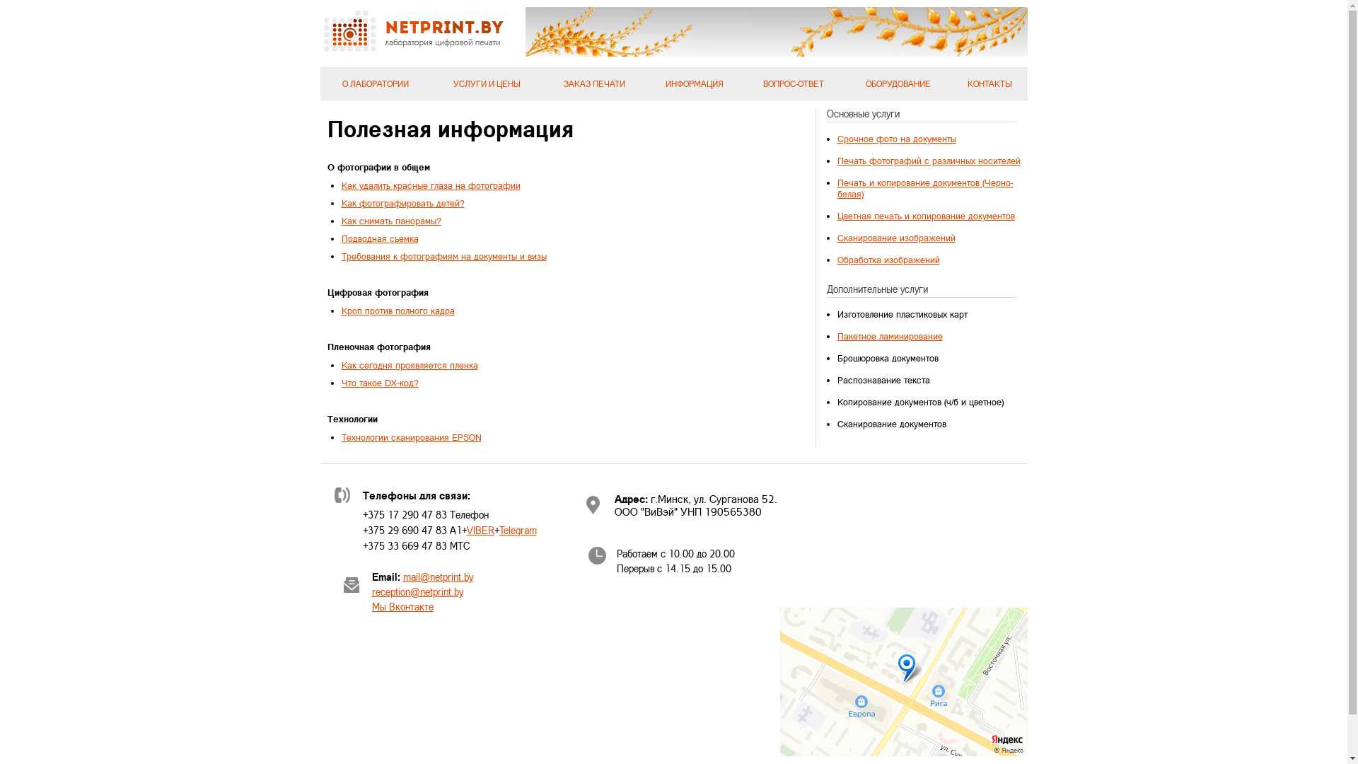  Describe the element at coordinates (417, 591) in the screenshot. I see `'reception@netprint.by'` at that location.